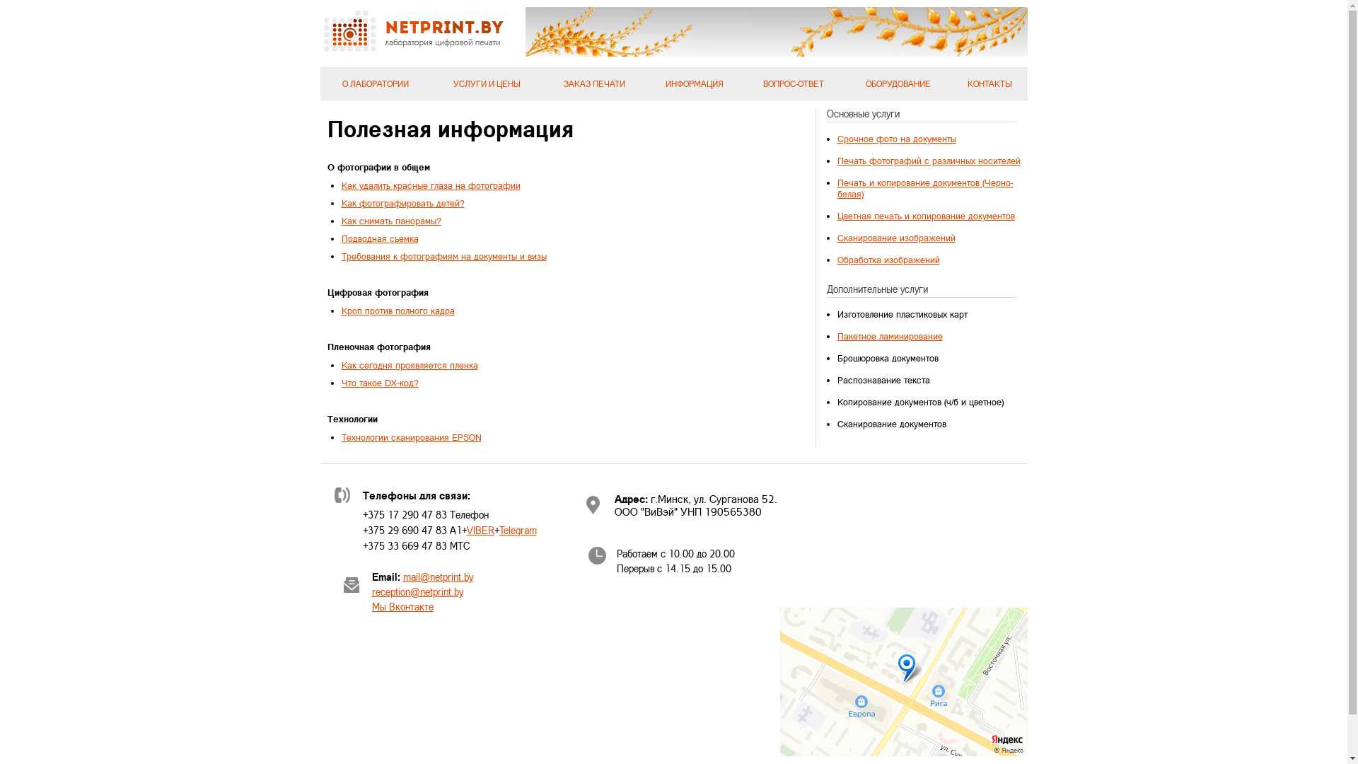  Describe the element at coordinates (417, 591) in the screenshot. I see `'reception@netprint.by'` at that location.